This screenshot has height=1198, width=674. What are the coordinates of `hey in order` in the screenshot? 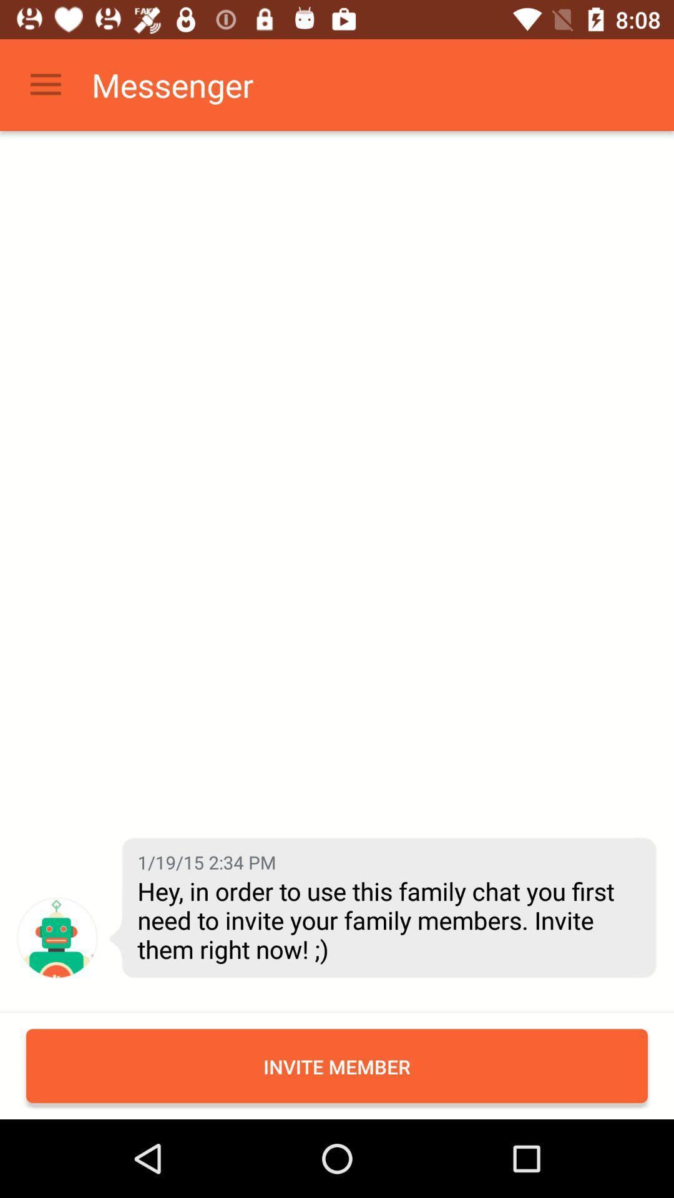 It's located at (387, 920).